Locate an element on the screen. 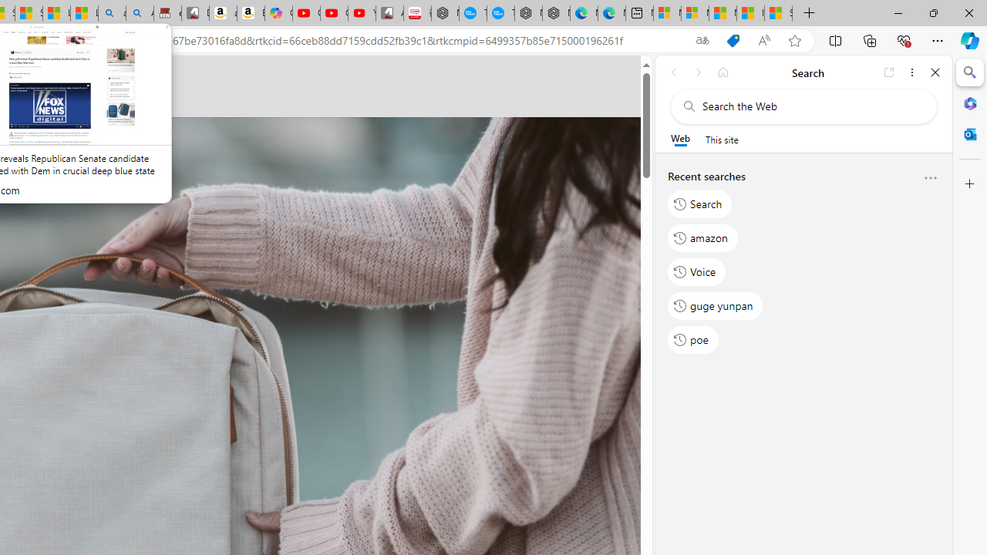 The height and width of the screenshot is (555, 987). 'Copilot' is located at coordinates (278, 13).